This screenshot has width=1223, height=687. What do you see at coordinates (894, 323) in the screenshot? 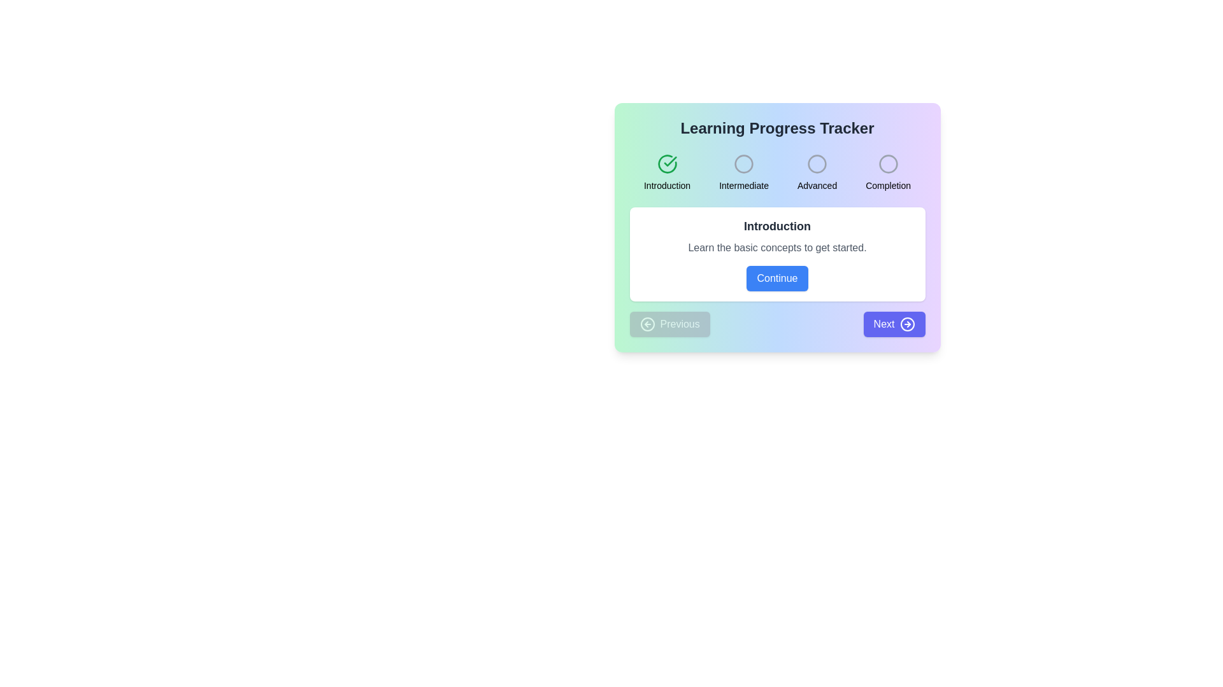
I see `the navigation button located at the bottom-right corner of the 'Learning Progress Tracker' interface` at bounding box center [894, 323].